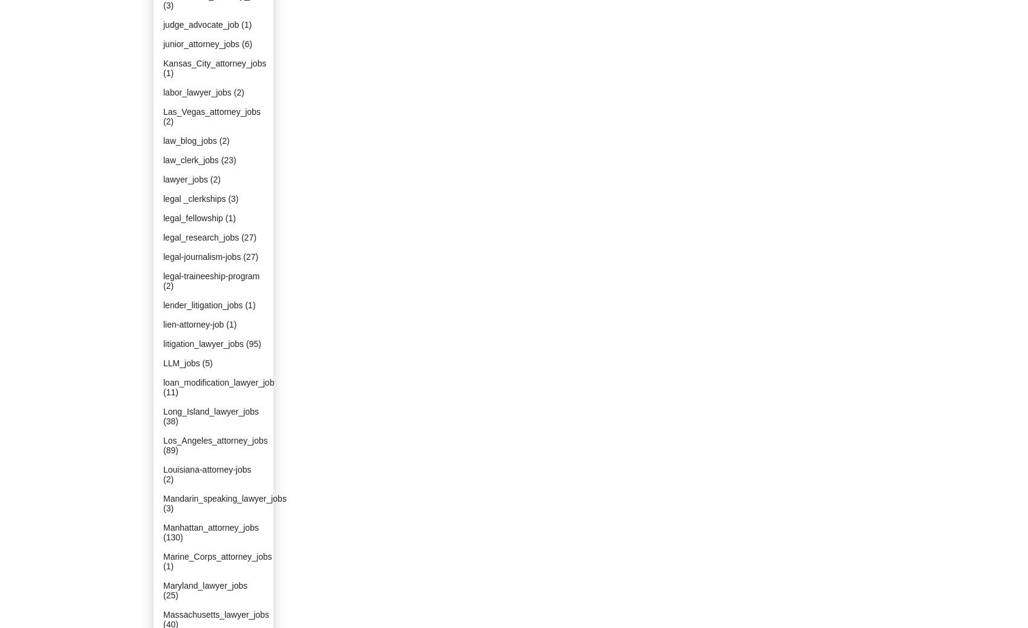 This screenshot has width=1028, height=628. I want to click on 'Maryland_lawyer_jobs', so click(204, 585).